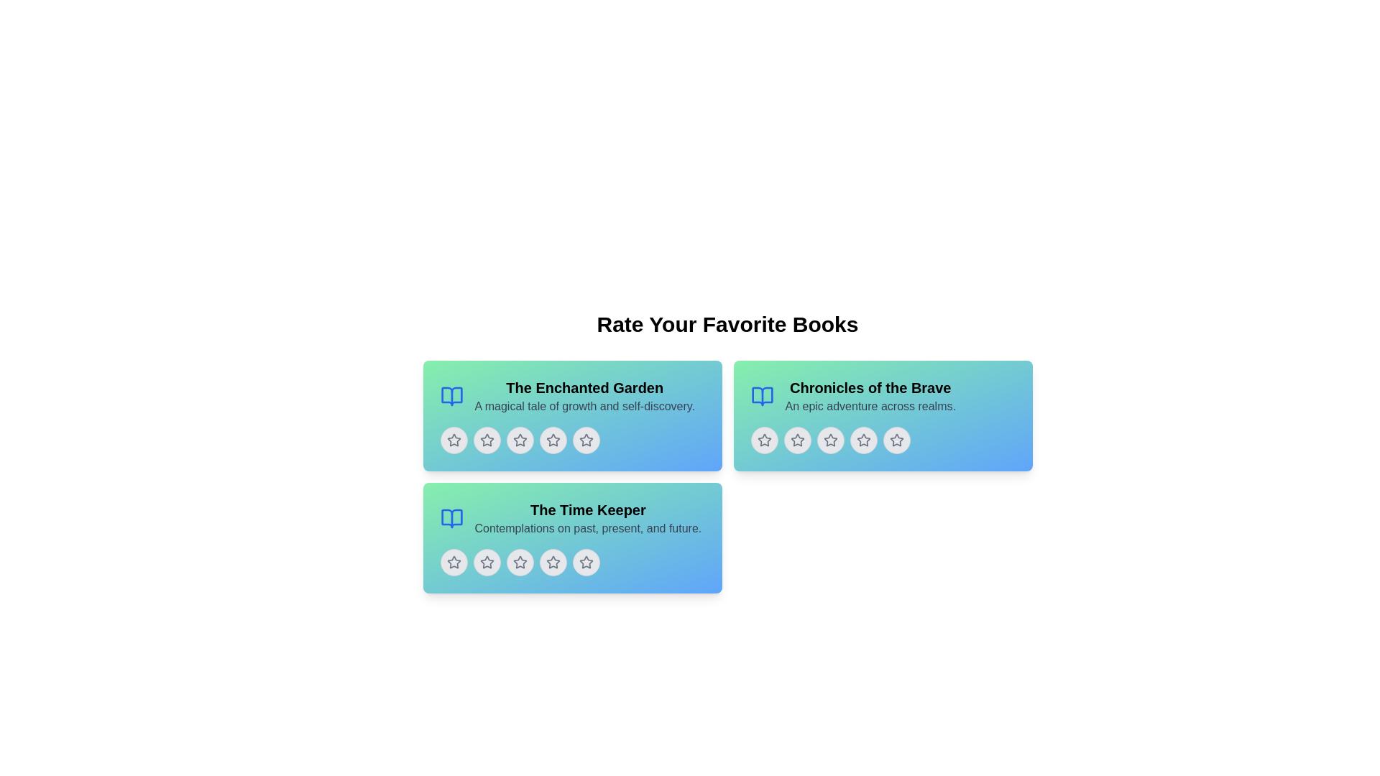 Image resolution: width=1380 pixels, height=776 pixels. Describe the element at coordinates (552, 439) in the screenshot. I see `the third star icon (hollow design) in the rating system under 'The Enchanted Garden' title to rate it` at that location.